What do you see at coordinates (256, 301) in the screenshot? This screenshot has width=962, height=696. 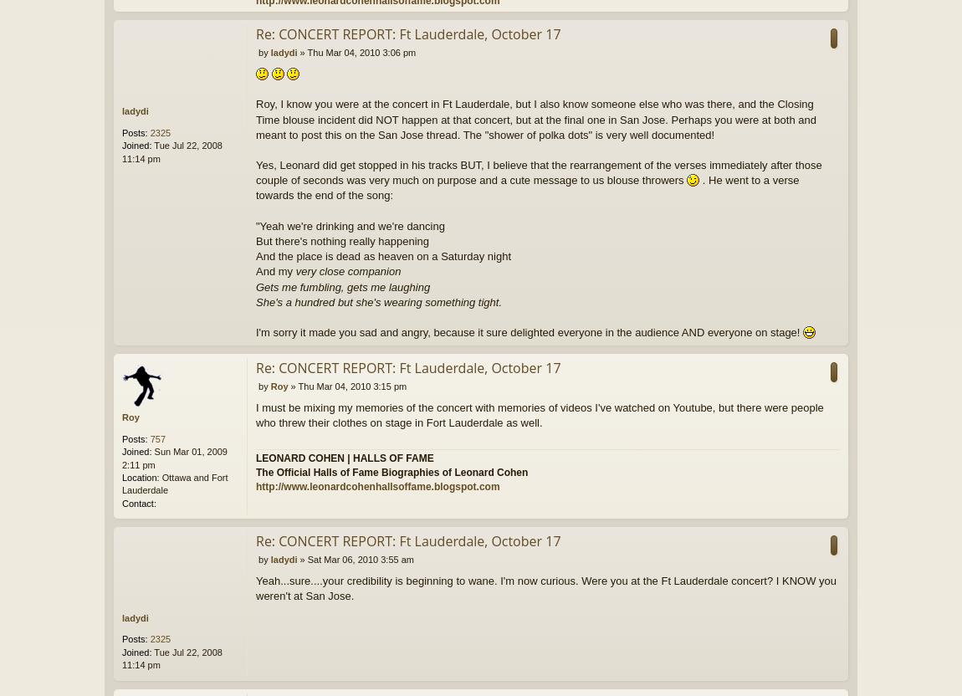 I see `'She's a hundred but she's wearing something tight.'` at bounding box center [256, 301].